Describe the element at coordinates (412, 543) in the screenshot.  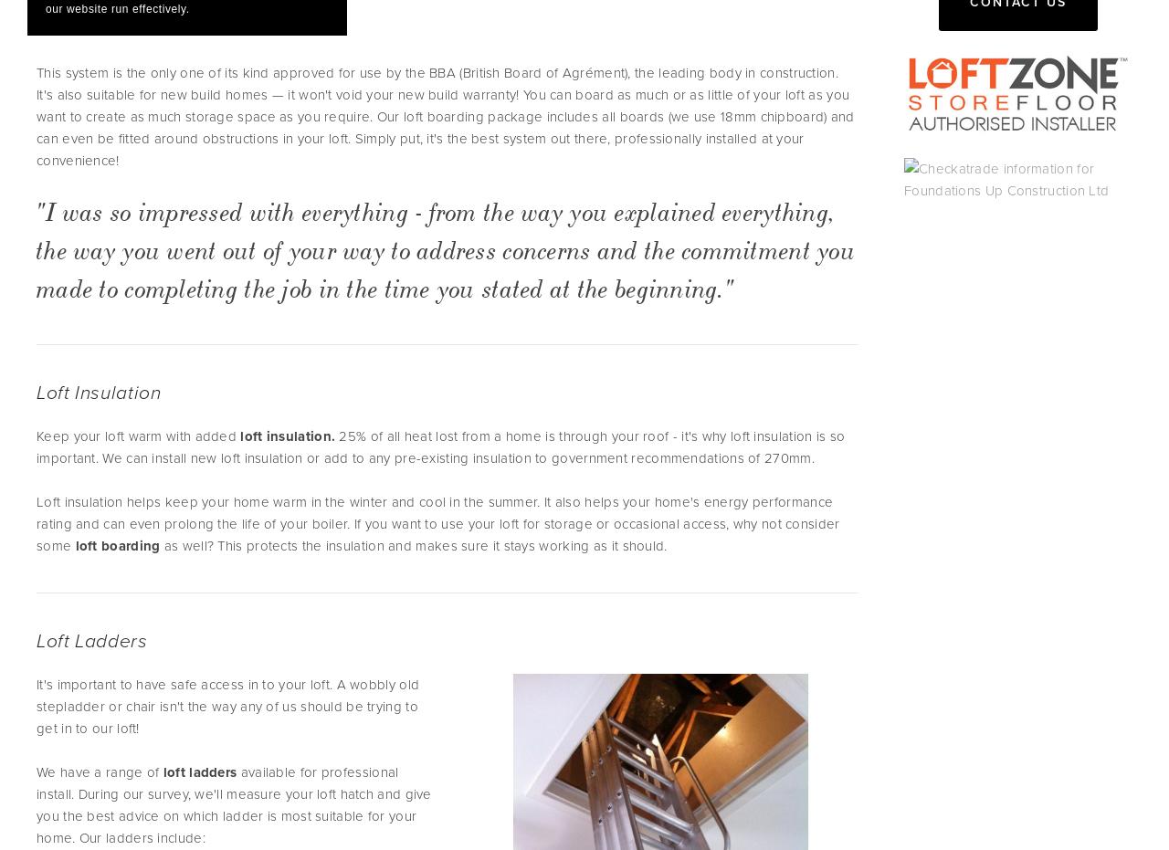
I see `'as well? This protects the insulation and makes sure it stays working as it should.'` at that location.